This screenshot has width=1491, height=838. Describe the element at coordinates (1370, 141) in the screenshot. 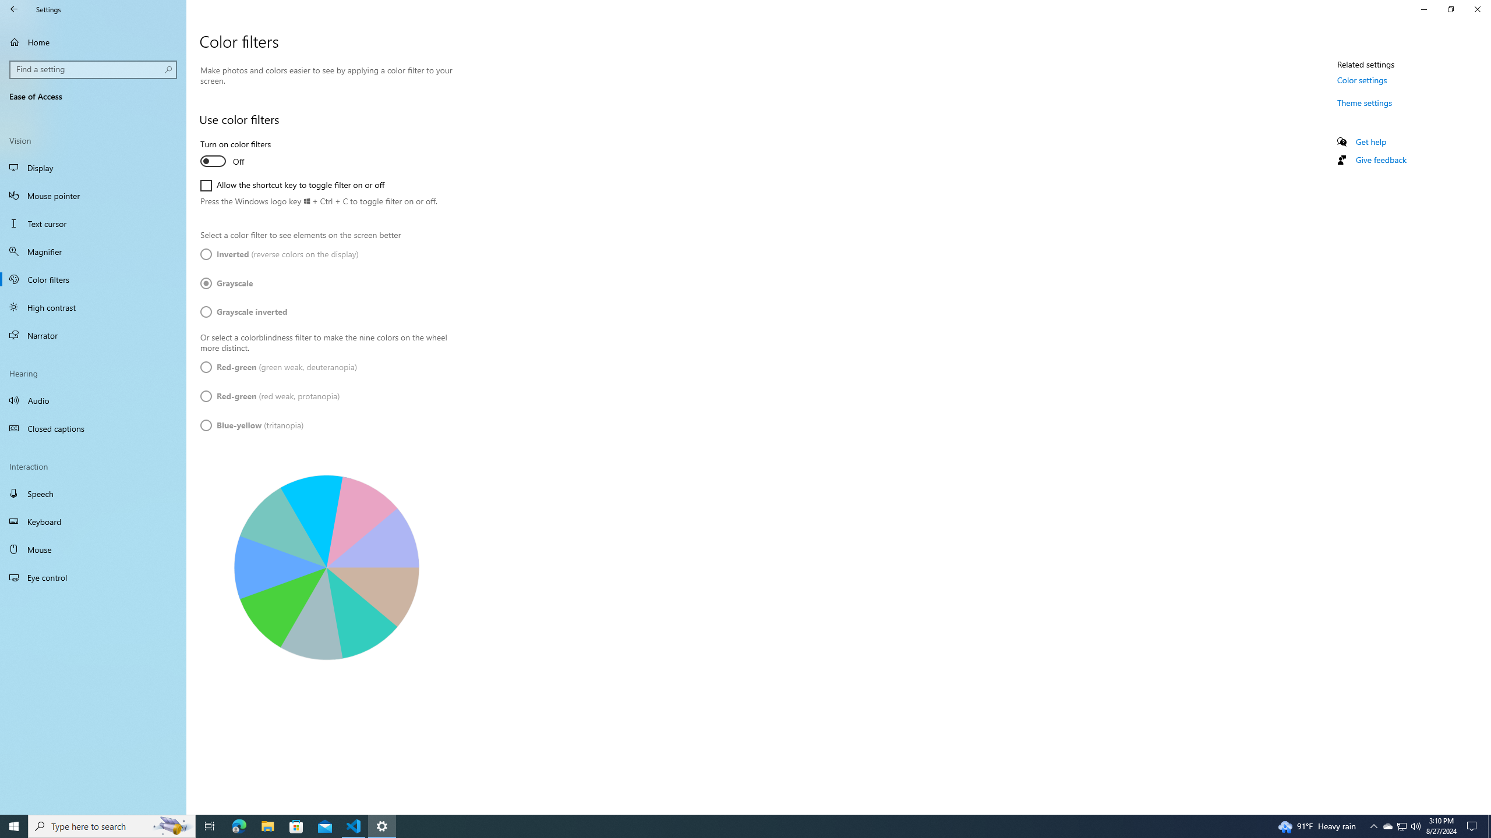

I see `'Get help'` at that location.